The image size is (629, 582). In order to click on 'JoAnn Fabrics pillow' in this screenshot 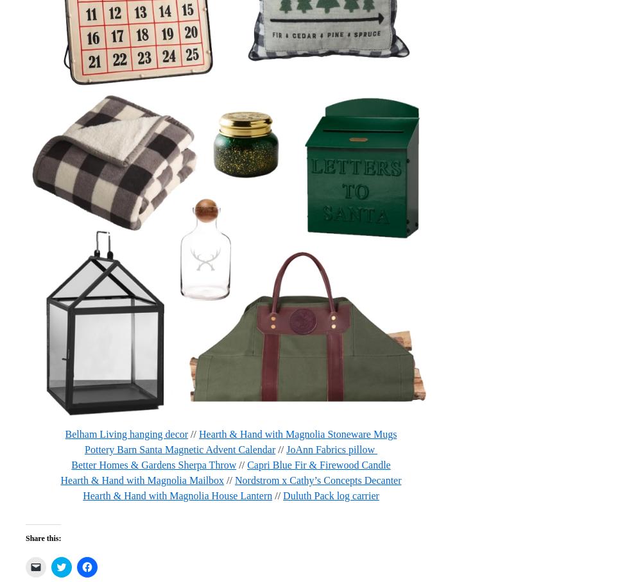, I will do `click(331, 448)`.